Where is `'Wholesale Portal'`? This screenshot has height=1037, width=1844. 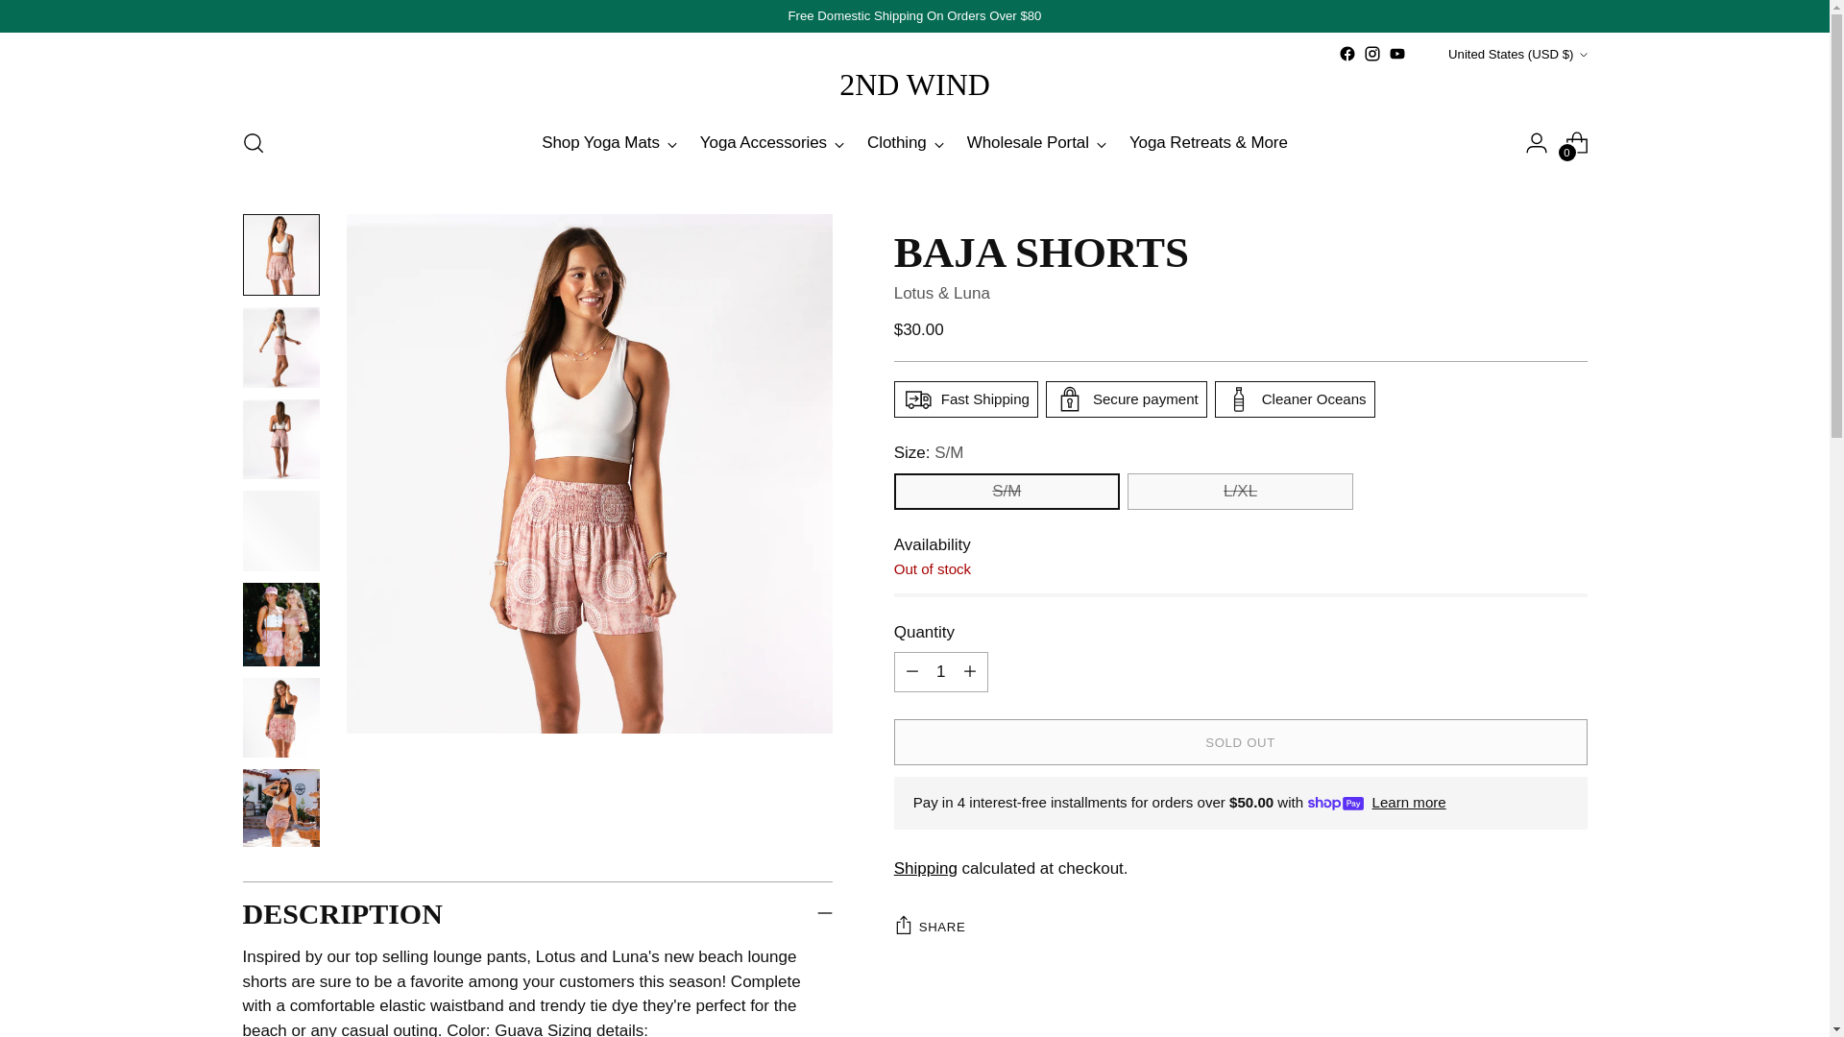 'Wholesale Portal' is located at coordinates (1035, 142).